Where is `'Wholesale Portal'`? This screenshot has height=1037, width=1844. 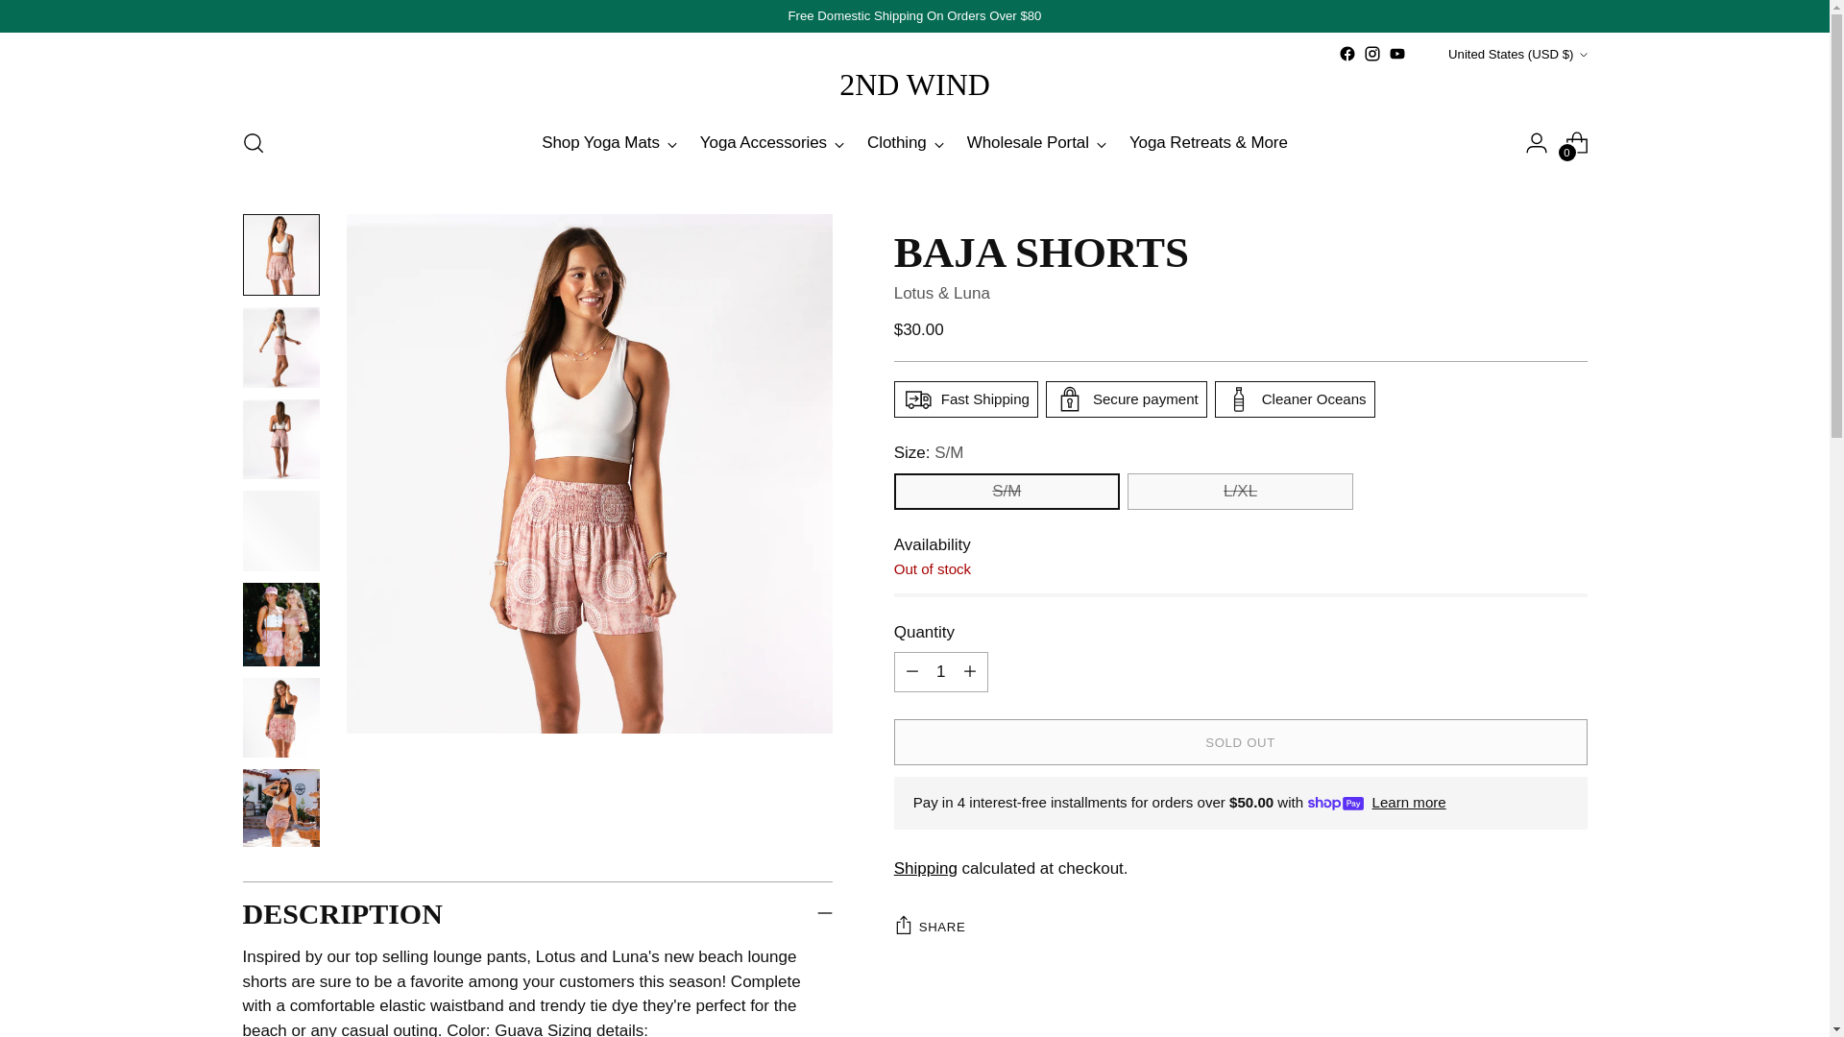 'Wholesale Portal' is located at coordinates (1035, 142).